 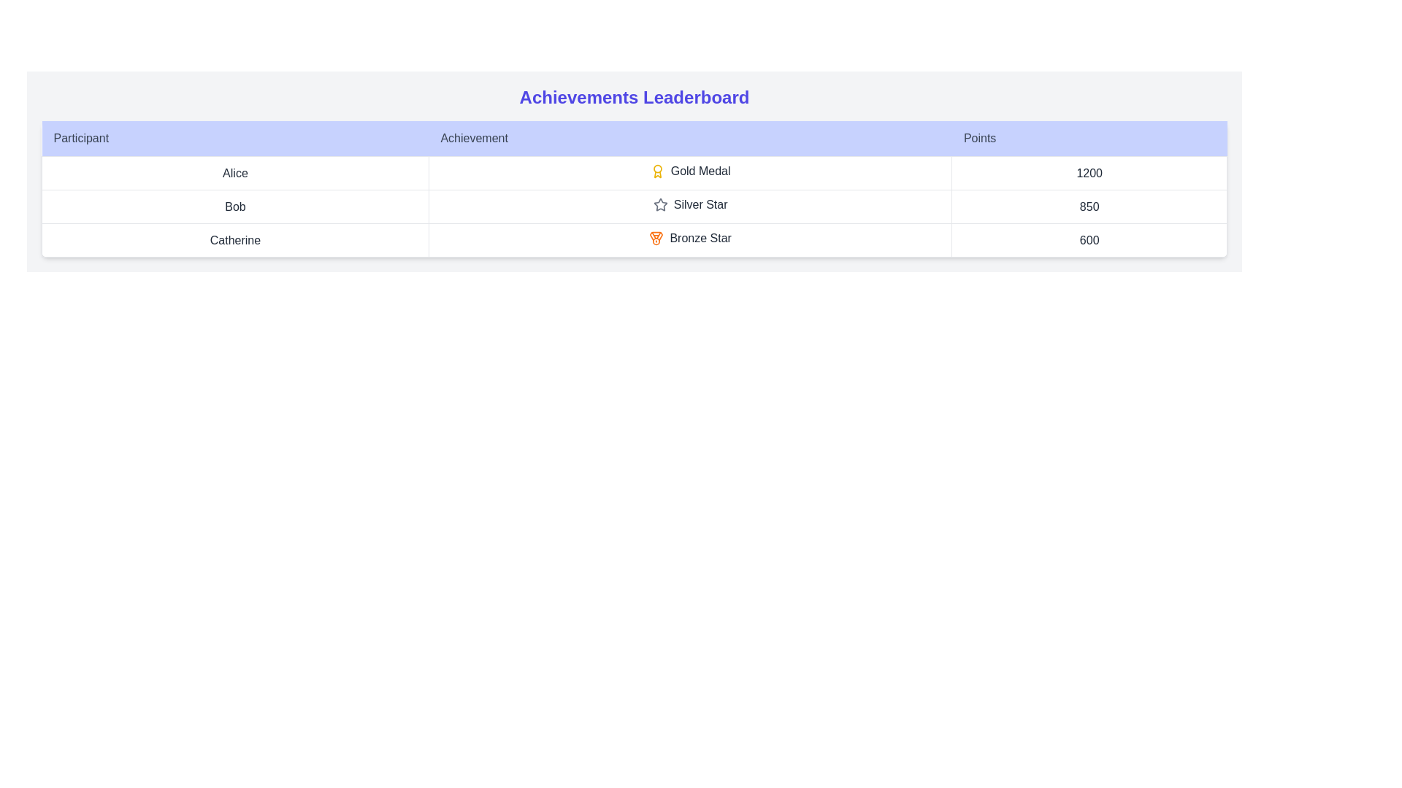 What do you see at coordinates (656, 236) in the screenshot?
I see `the triangular orange component of the medal icon located in the 'Achievement' column of the first row in the leaderboard table` at bounding box center [656, 236].